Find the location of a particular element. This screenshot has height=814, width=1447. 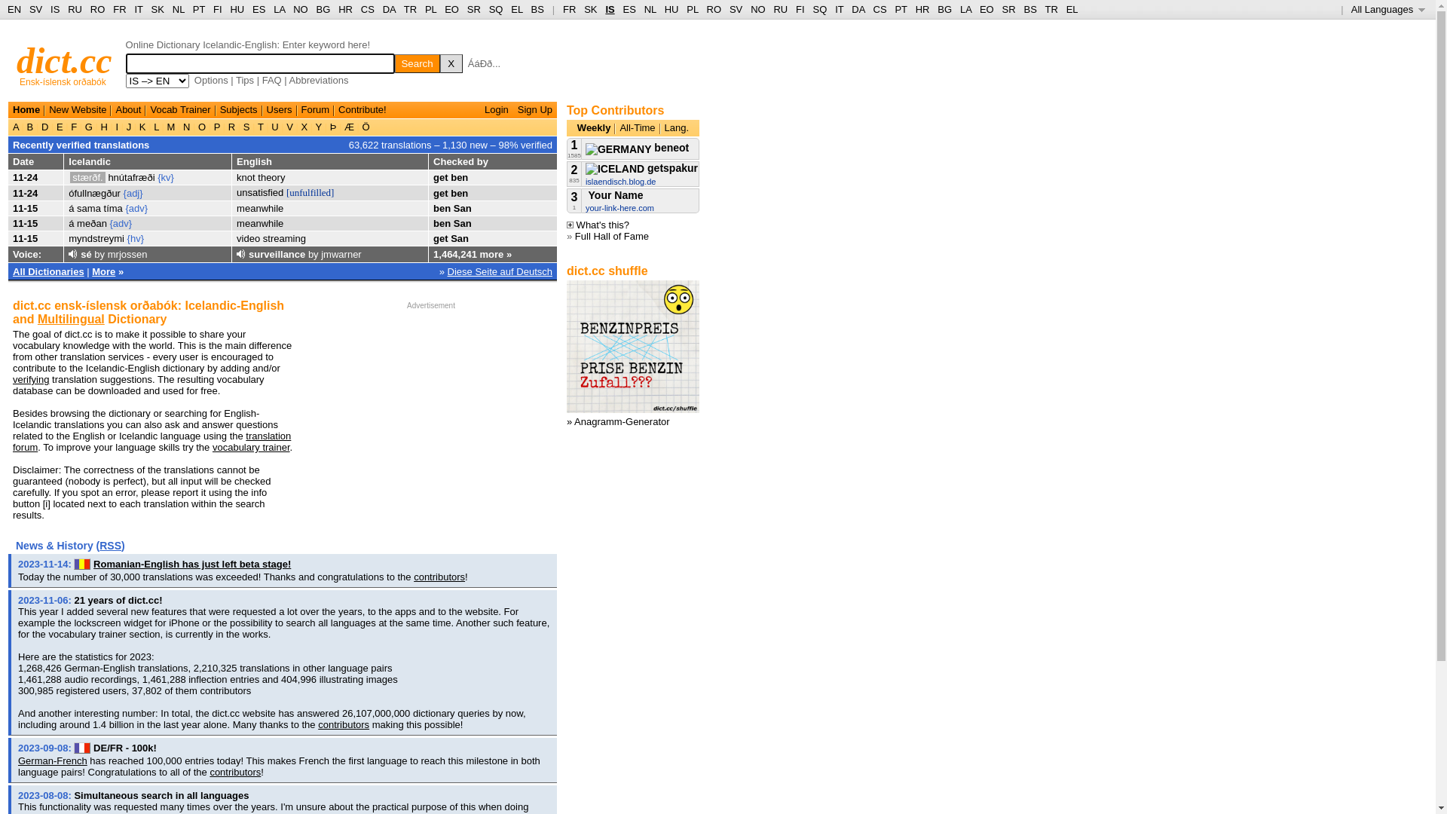

'EO' is located at coordinates (451, 9).